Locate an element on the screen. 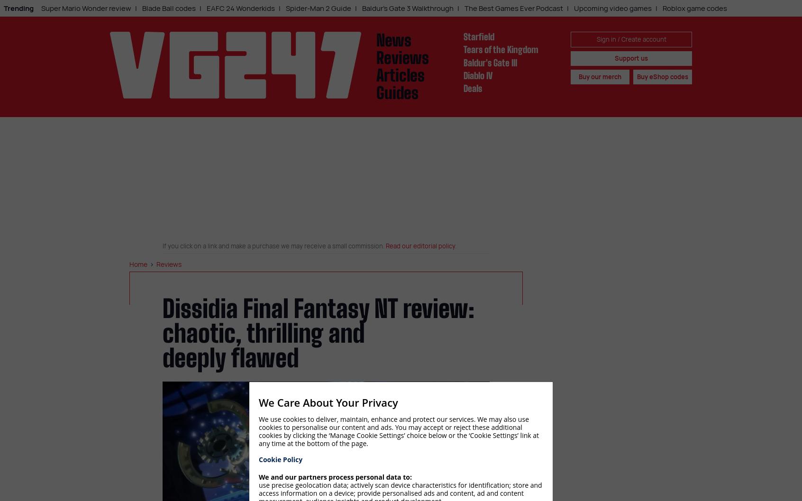 The height and width of the screenshot is (501, 802). 'Upcoming video games' is located at coordinates (612, 8).